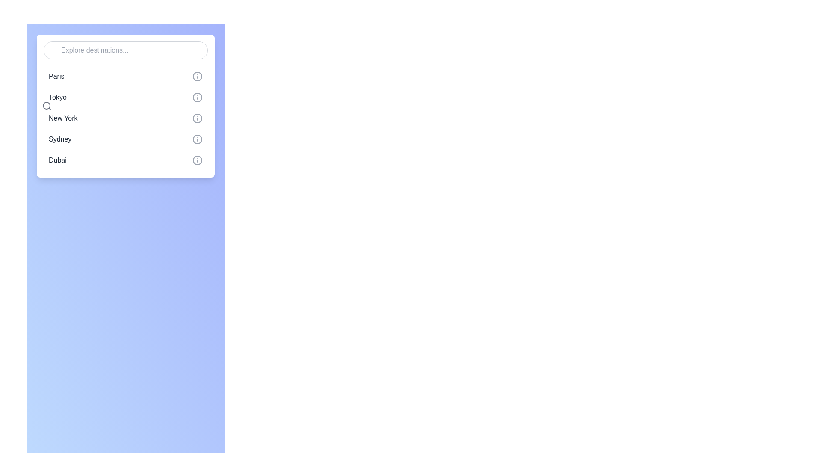 The image size is (821, 462). What do you see at coordinates (197, 97) in the screenshot?
I see `the circular gray icon located next to the list item labeled 'Tokyo', which is the second icon in the vertical list of destinations` at bounding box center [197, 97].